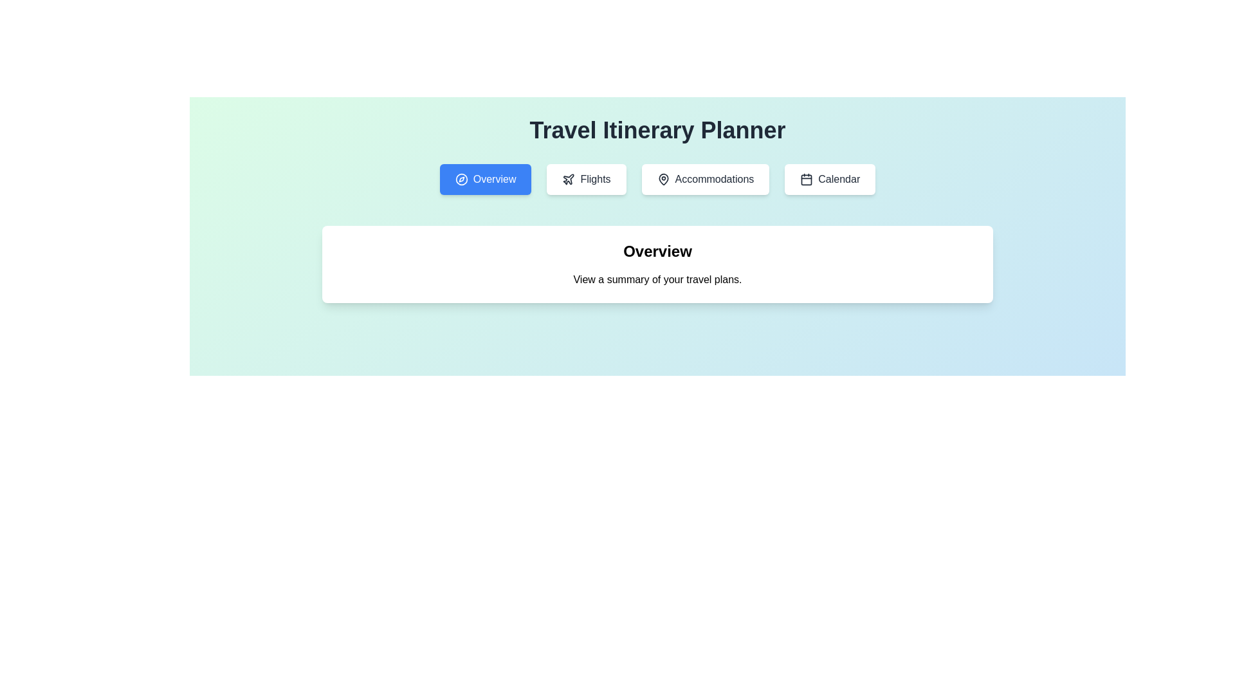  Describe the element at coordinates (663, 179) in the screenshot. I see `the map pin graphic representing 'Accommodations' in the navigation menu, which is the third button from the left` at that location.